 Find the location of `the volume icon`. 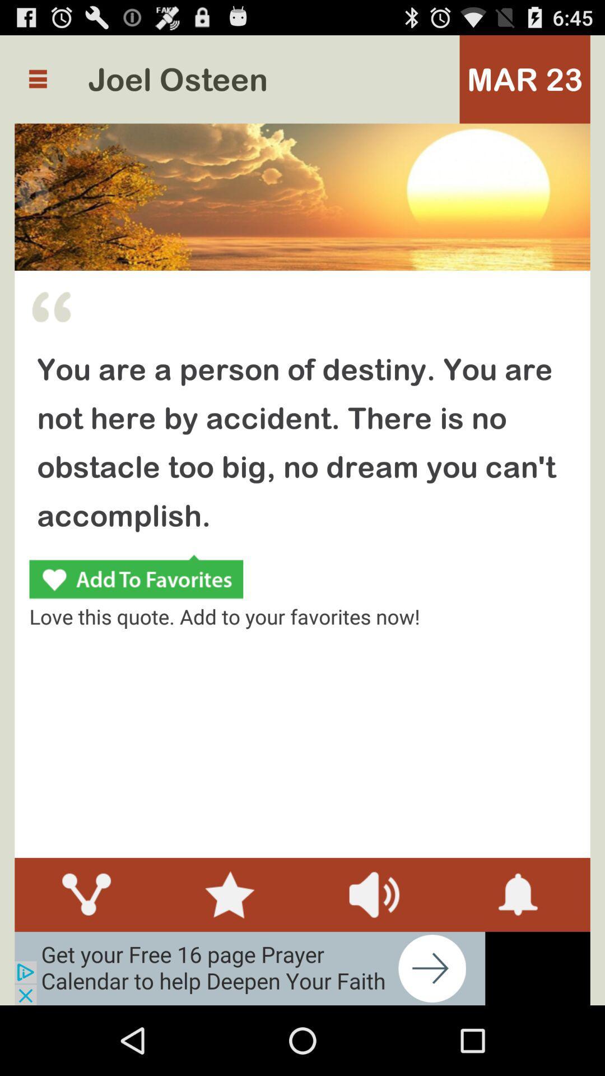

the volume icon is located at coordinates (374, 957).